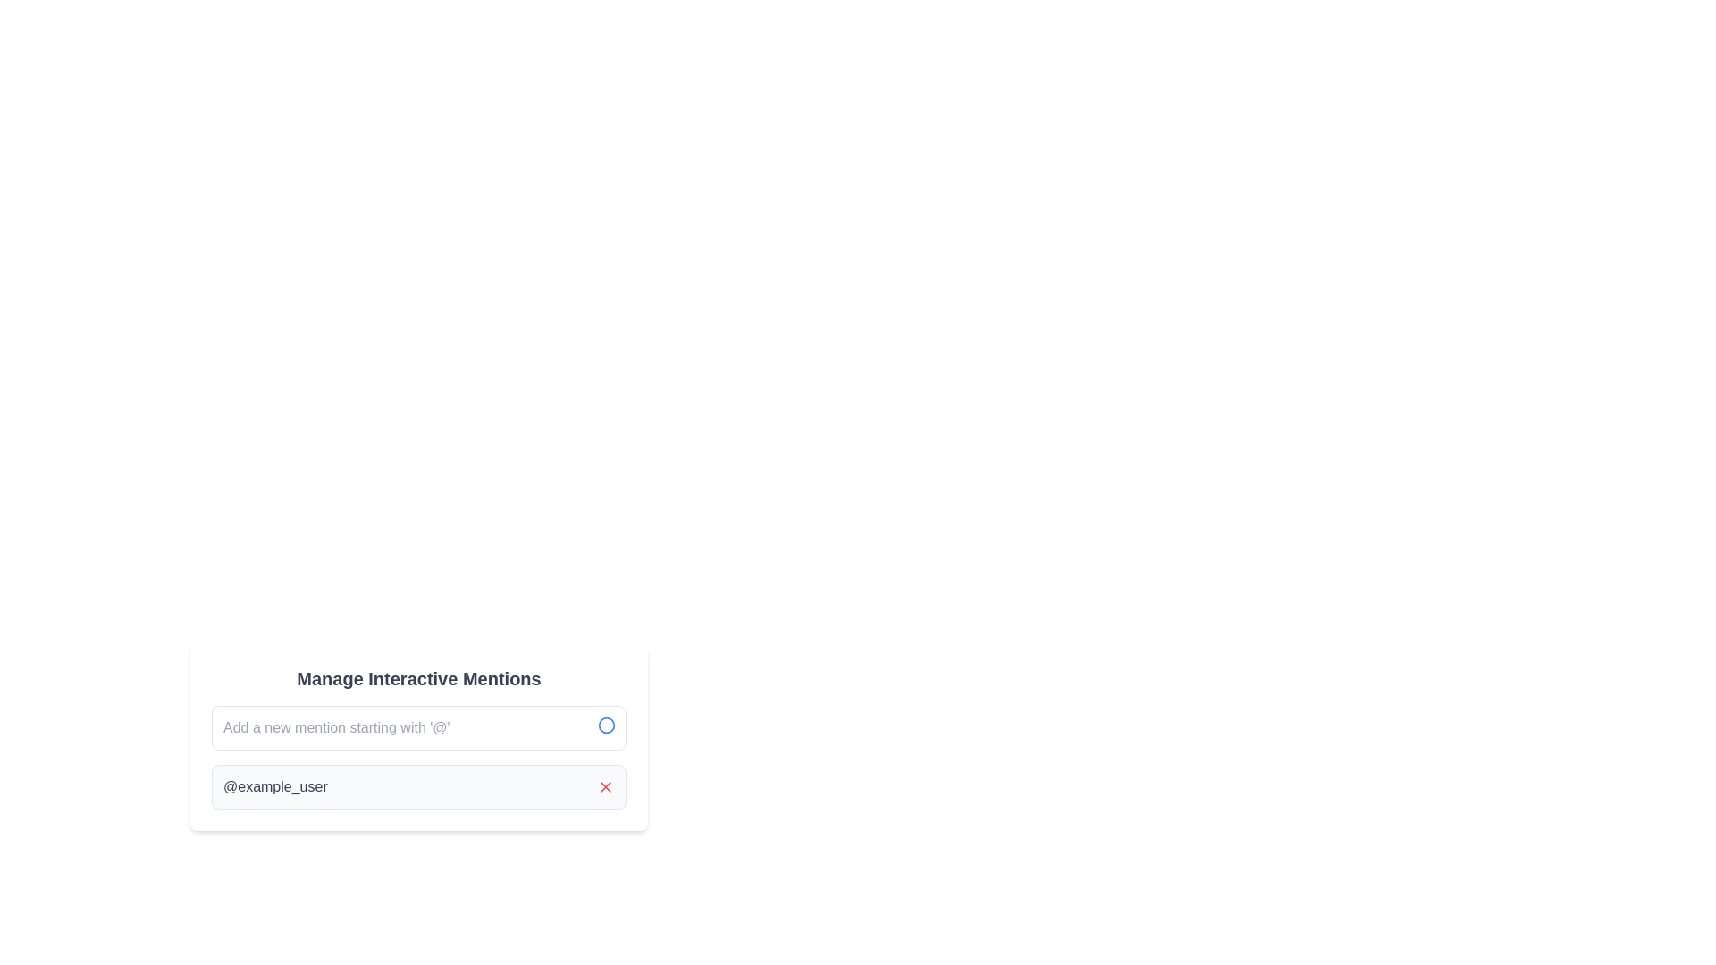 The width and height of the screenshot is (1716, 965). I want to click on the 'X' icon used for deleting or closing, located near the right side of the '@example_user' mention input field, so click(605, 785).